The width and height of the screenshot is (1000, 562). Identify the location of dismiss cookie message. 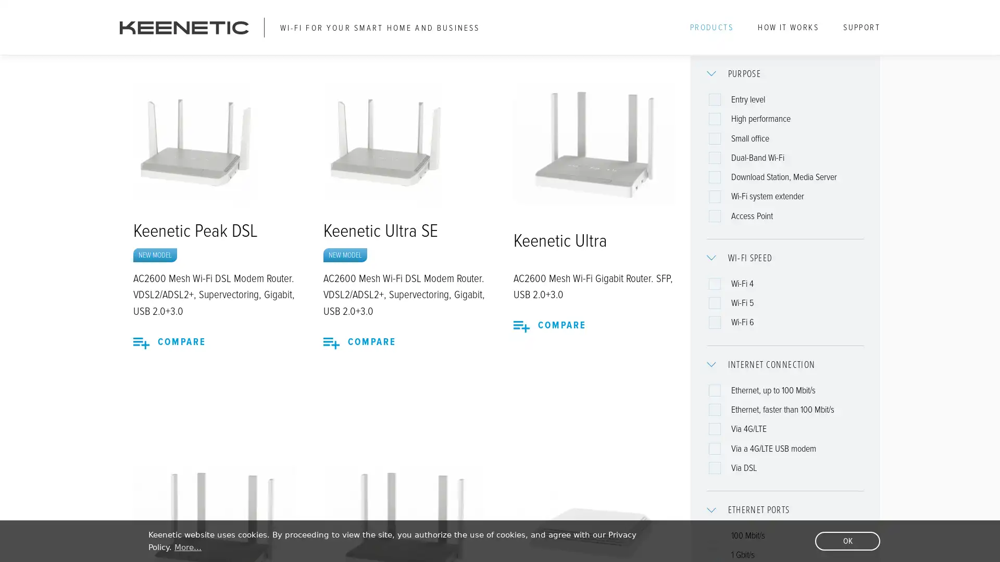
(847, 540).